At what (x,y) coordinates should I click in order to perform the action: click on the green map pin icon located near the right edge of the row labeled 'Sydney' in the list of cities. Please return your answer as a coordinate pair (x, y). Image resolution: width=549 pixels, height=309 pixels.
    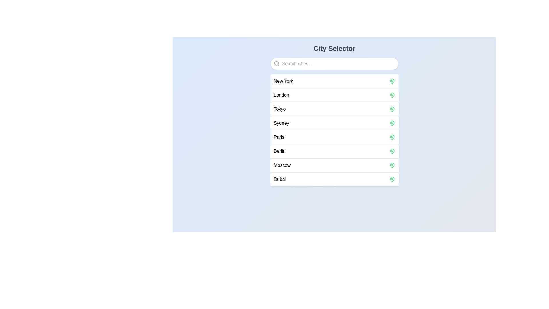
    Looking at the image, I should click on (392, 123).